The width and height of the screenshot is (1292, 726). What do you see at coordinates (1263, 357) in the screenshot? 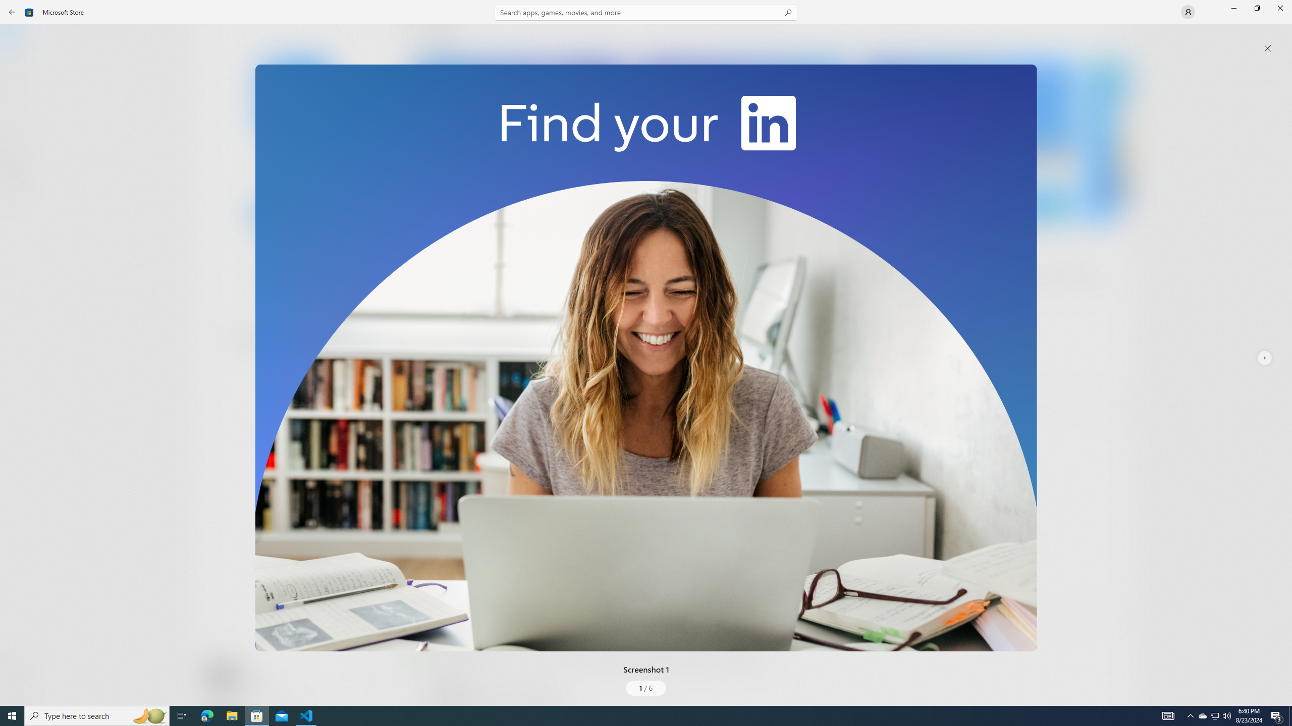
I see `'Next'` at bounding box center [1263, 357].